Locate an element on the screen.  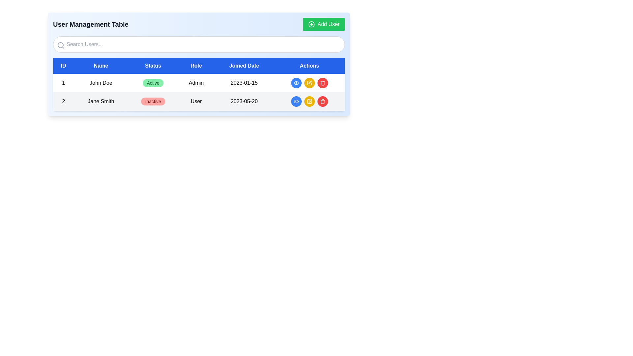
the trash bin icon representing the delete action for user 'Jane Smith' located in the second row of the 'Actions' column is located at coordinates (322, 83).